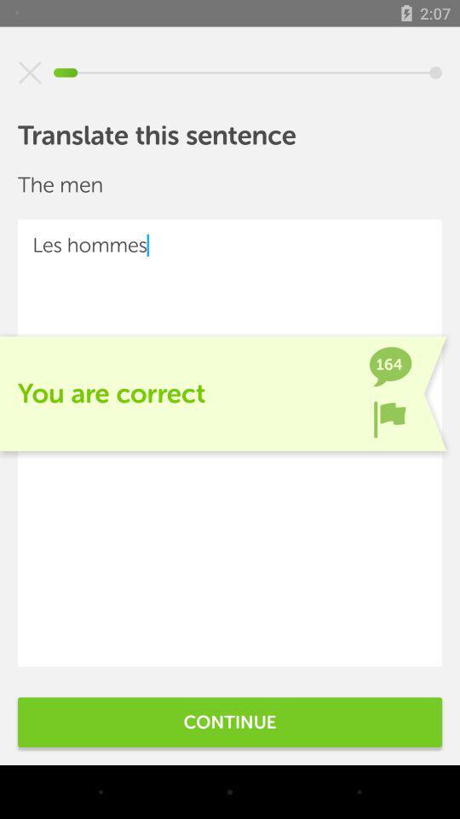 Image resolution: width=460 pixels, height=819 pixels. Describe the element at coordinates (30, 73) in the screenshot. I see `the icon above the translate this sentence` at that location.